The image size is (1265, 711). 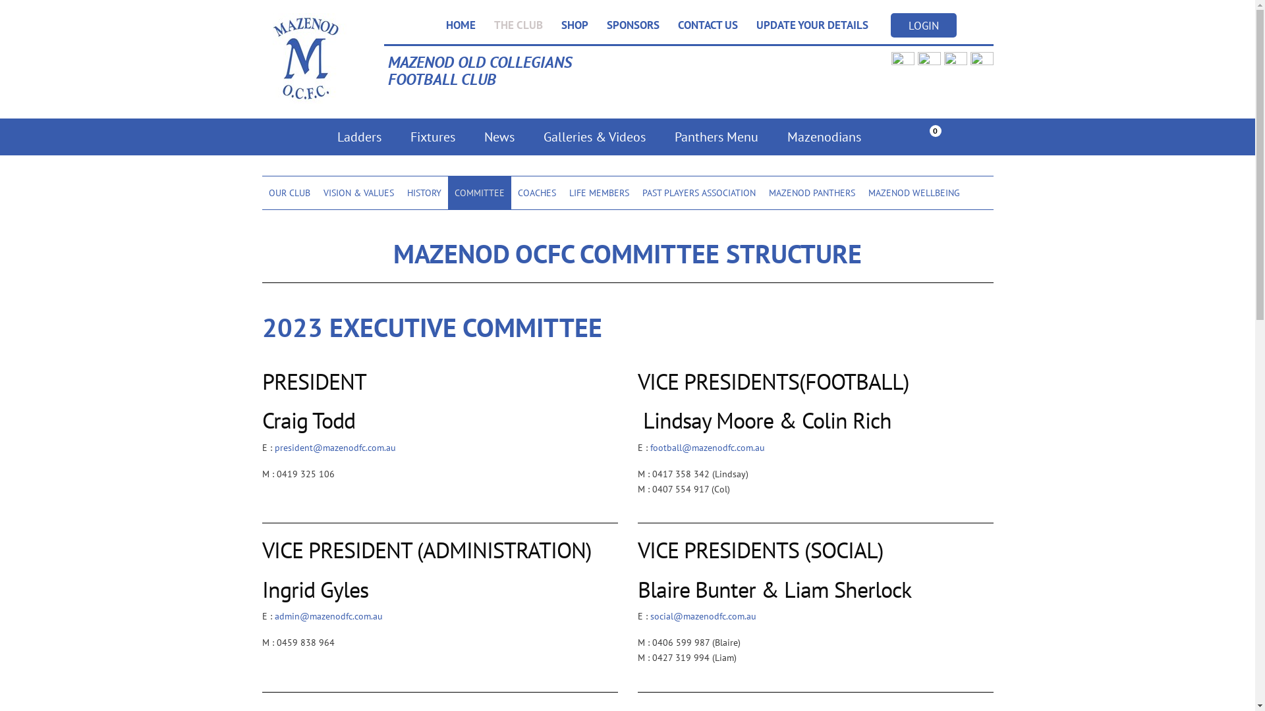 I want to click on 'UPDATE YOUR DETAILS', so click(x=812, y=25).